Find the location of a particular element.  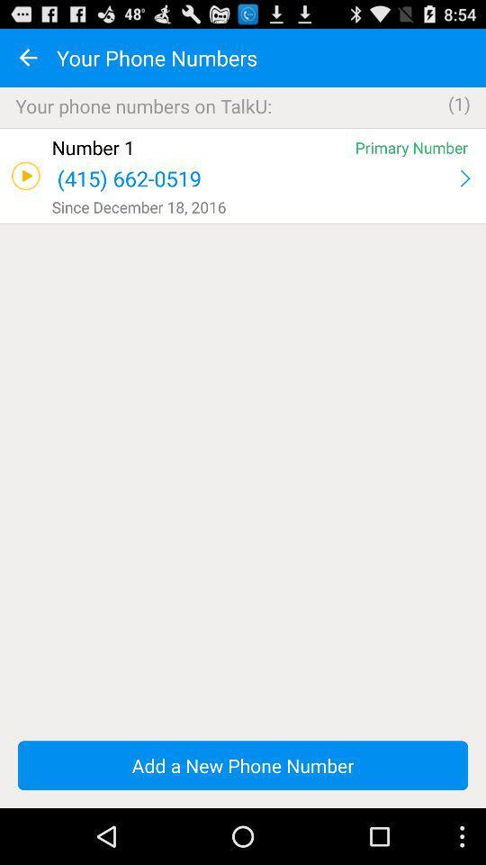

the app below the number 1 icon is located at coordinates (253, 178).